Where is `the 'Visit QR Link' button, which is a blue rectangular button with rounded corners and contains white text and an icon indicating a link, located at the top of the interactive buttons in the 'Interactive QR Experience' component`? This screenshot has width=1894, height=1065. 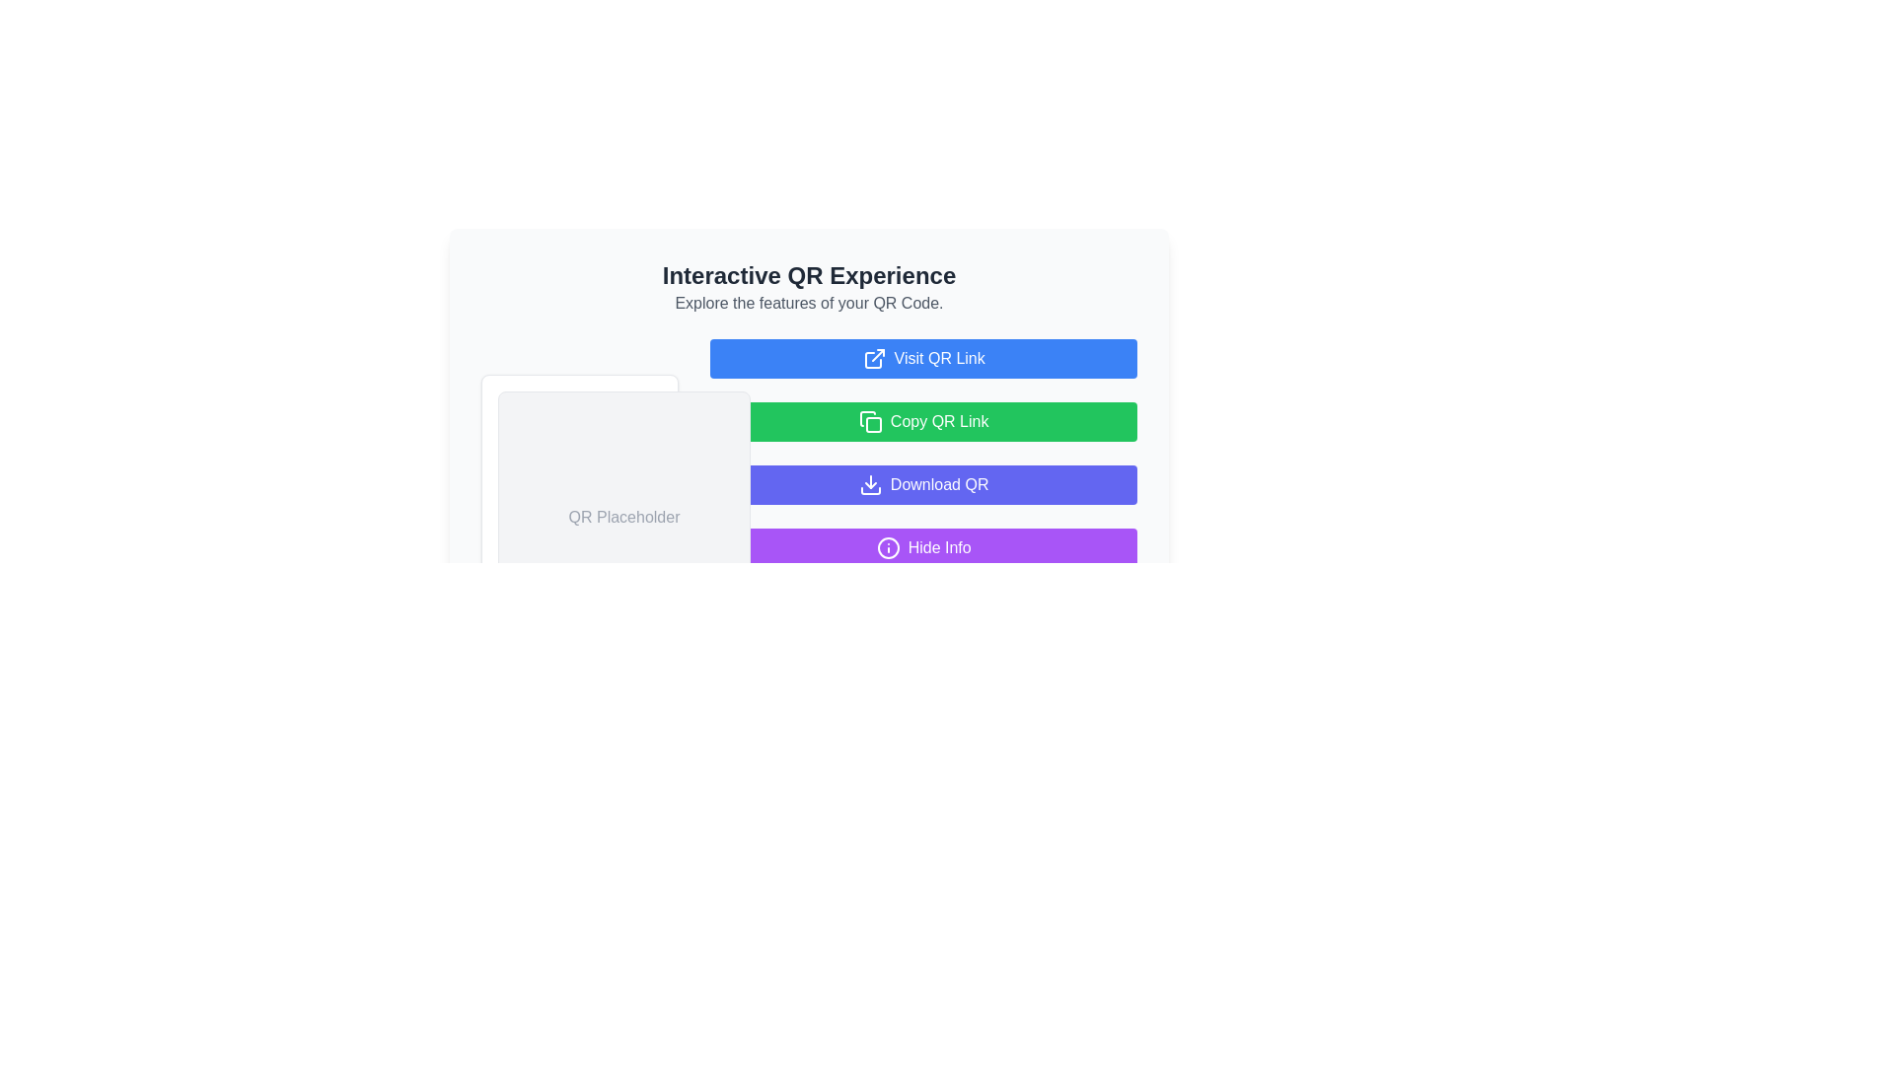
the 'Visit QR Link' button, which is a blue rectangular button with rounded corners and contains white text and an icon indicating a link, located at the top of the interactive buttons in the 'Interactive QR Experience' component is located at coordinates (922, 358).